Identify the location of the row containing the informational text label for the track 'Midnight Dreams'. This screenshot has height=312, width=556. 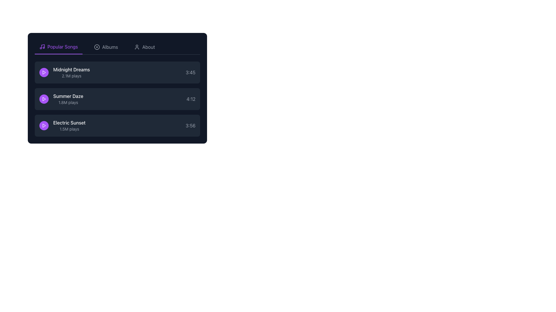
(71, 72).